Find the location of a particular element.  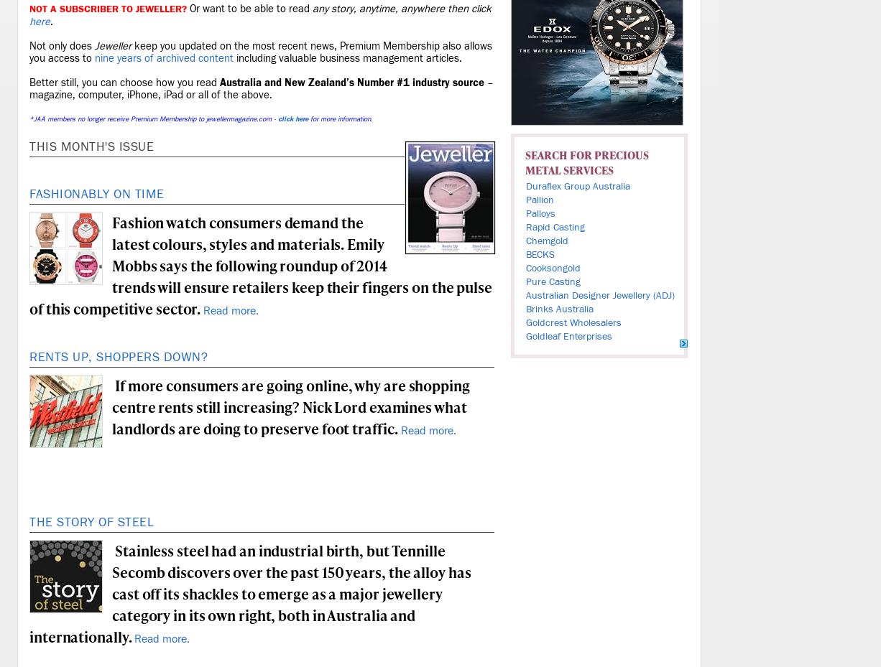

'Search for' is located at coordinates (524, 154).